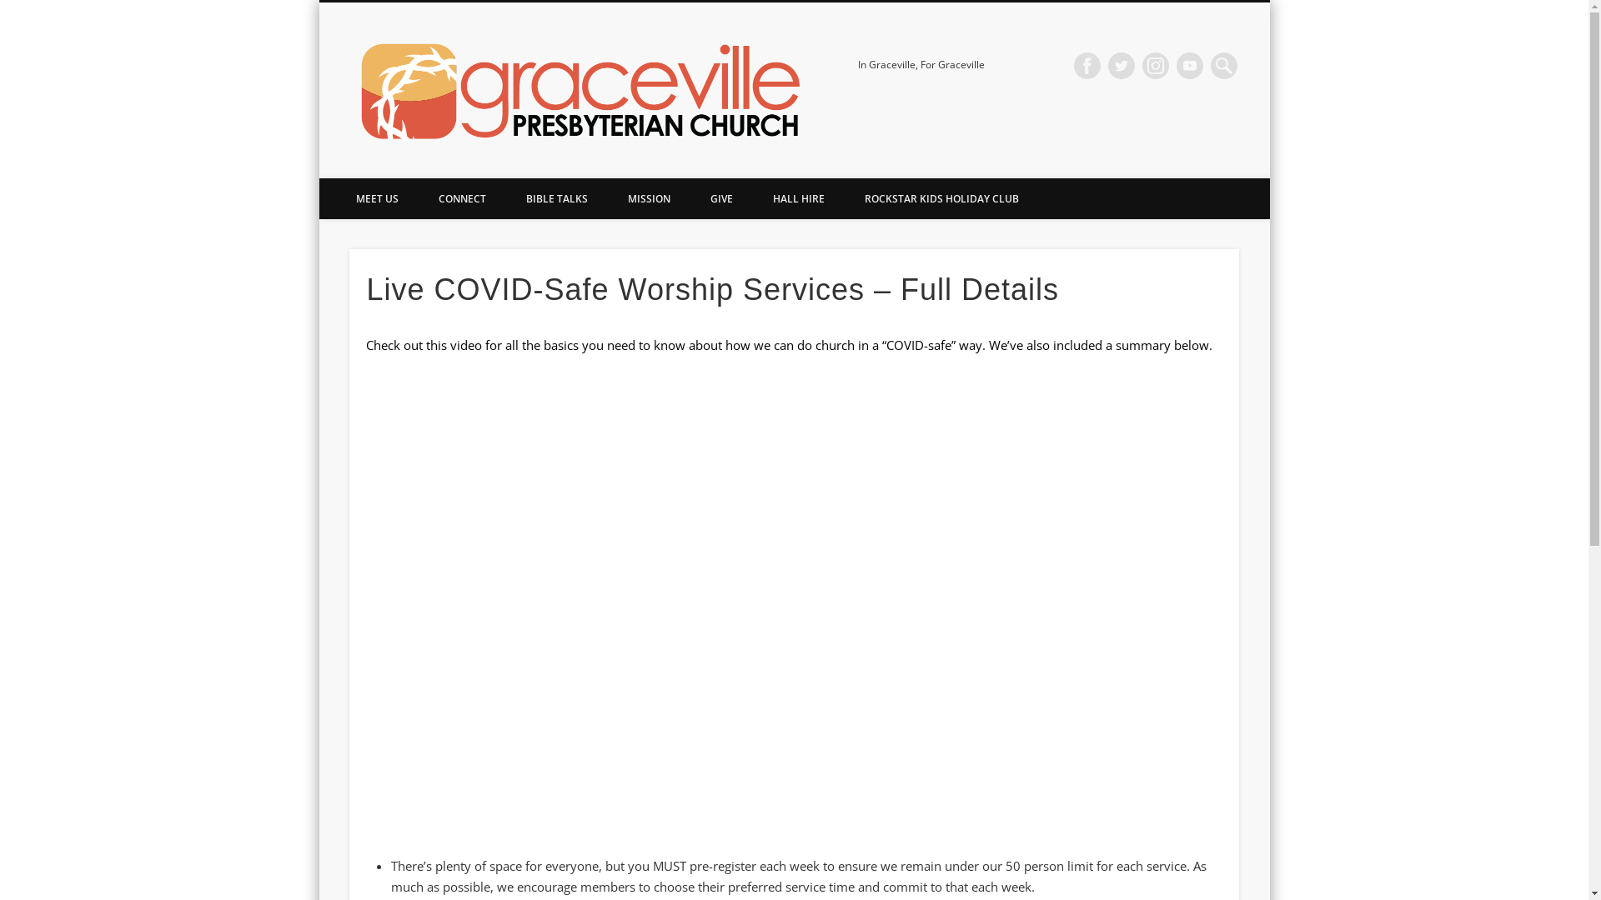 This screenshot has height=900, width=1601. I want to click on 'BIBLE TALKS', so click(556, 197).